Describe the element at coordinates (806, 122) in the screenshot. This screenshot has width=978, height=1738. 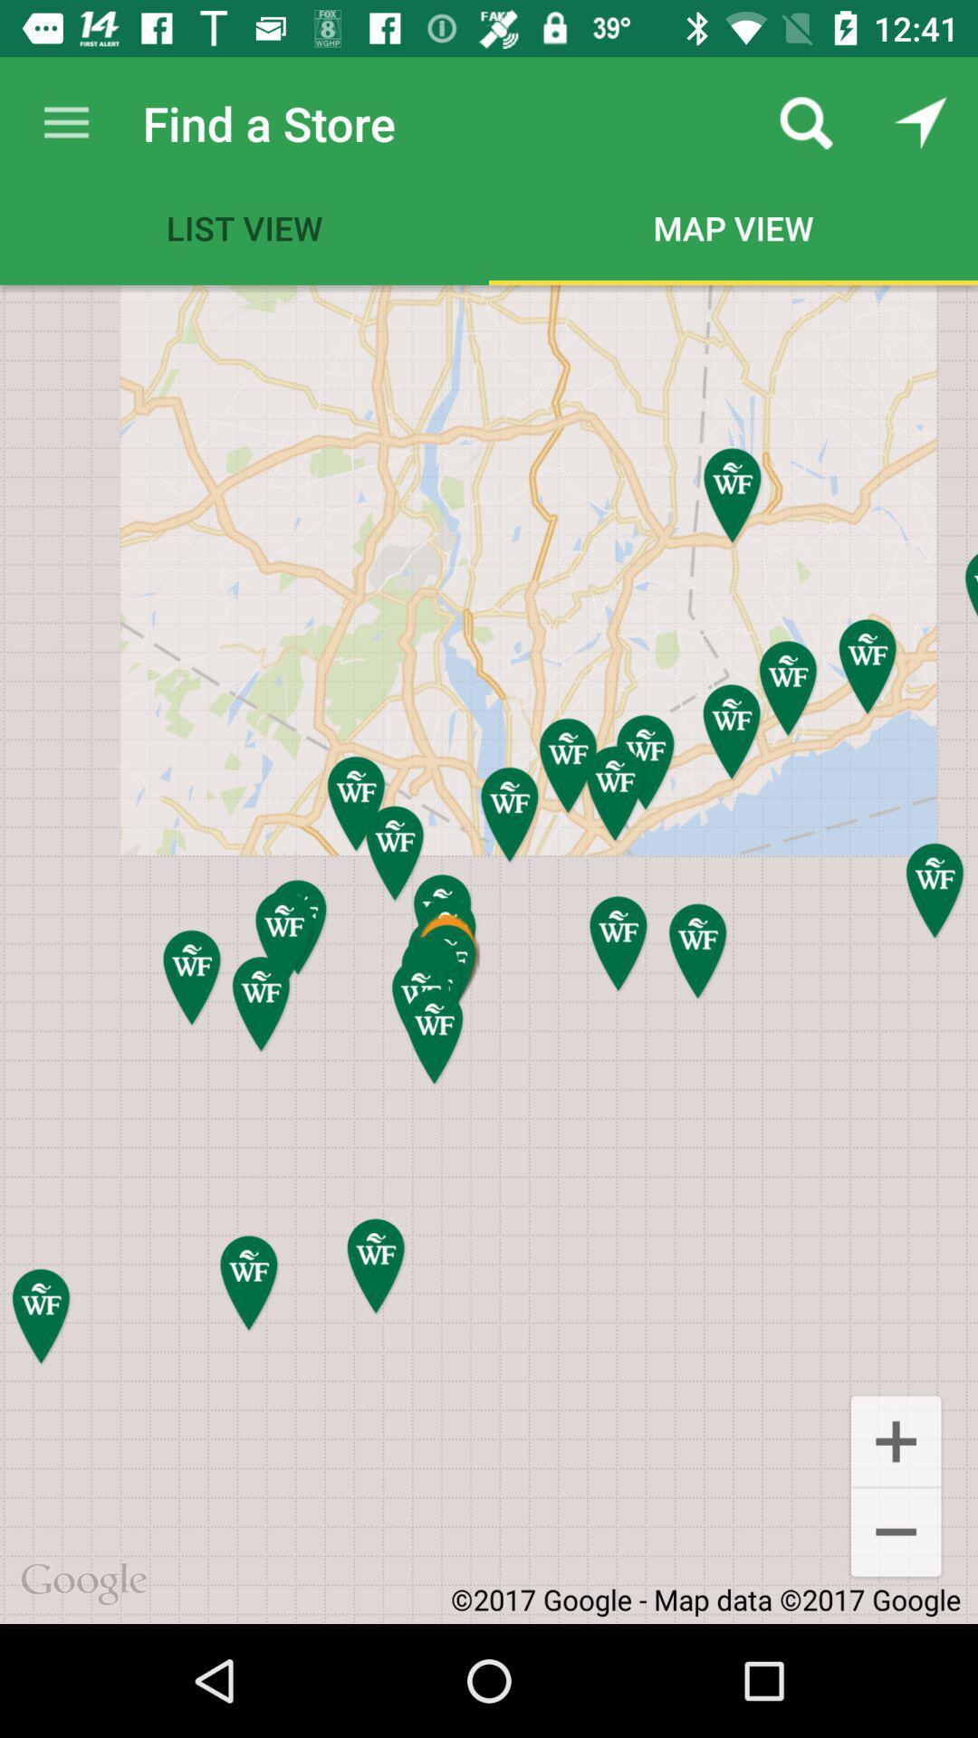
I see `the icon above the map view` at that location.